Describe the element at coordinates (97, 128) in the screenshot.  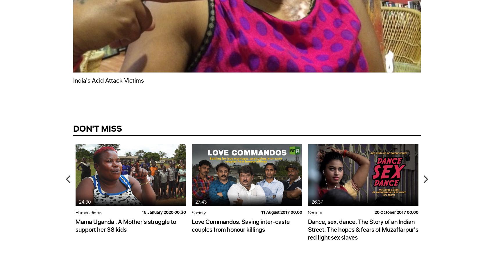
I see `'DON'T MISS'` at that location.